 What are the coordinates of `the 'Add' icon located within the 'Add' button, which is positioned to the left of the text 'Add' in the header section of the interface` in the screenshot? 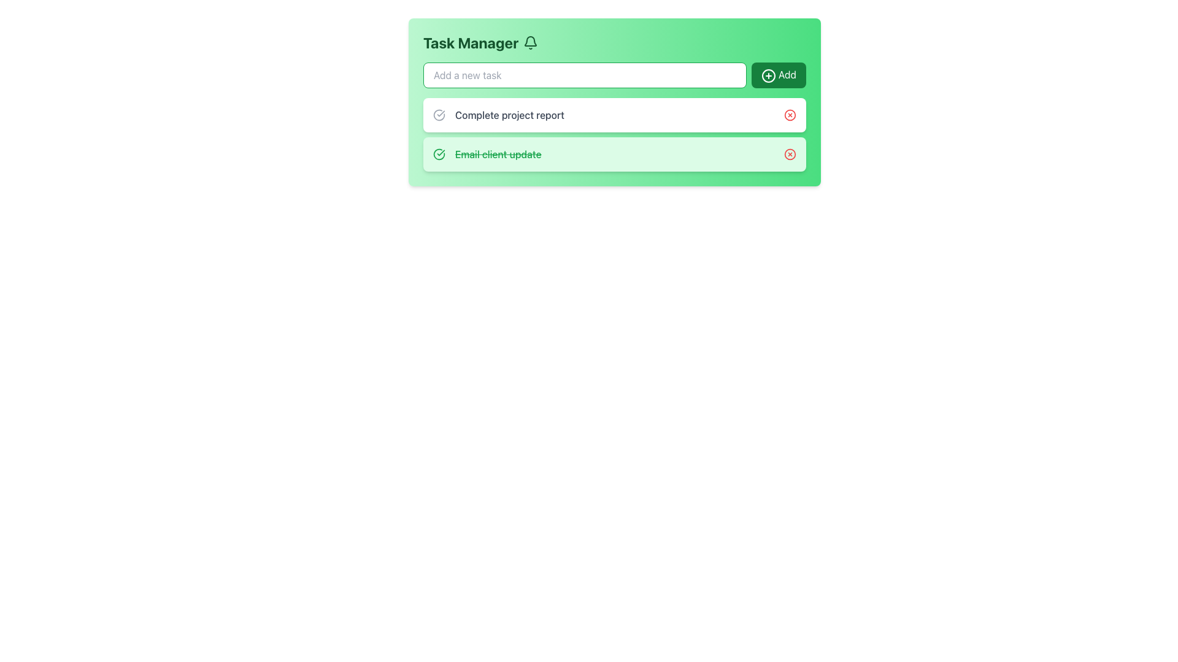 It's located at (768, 75).